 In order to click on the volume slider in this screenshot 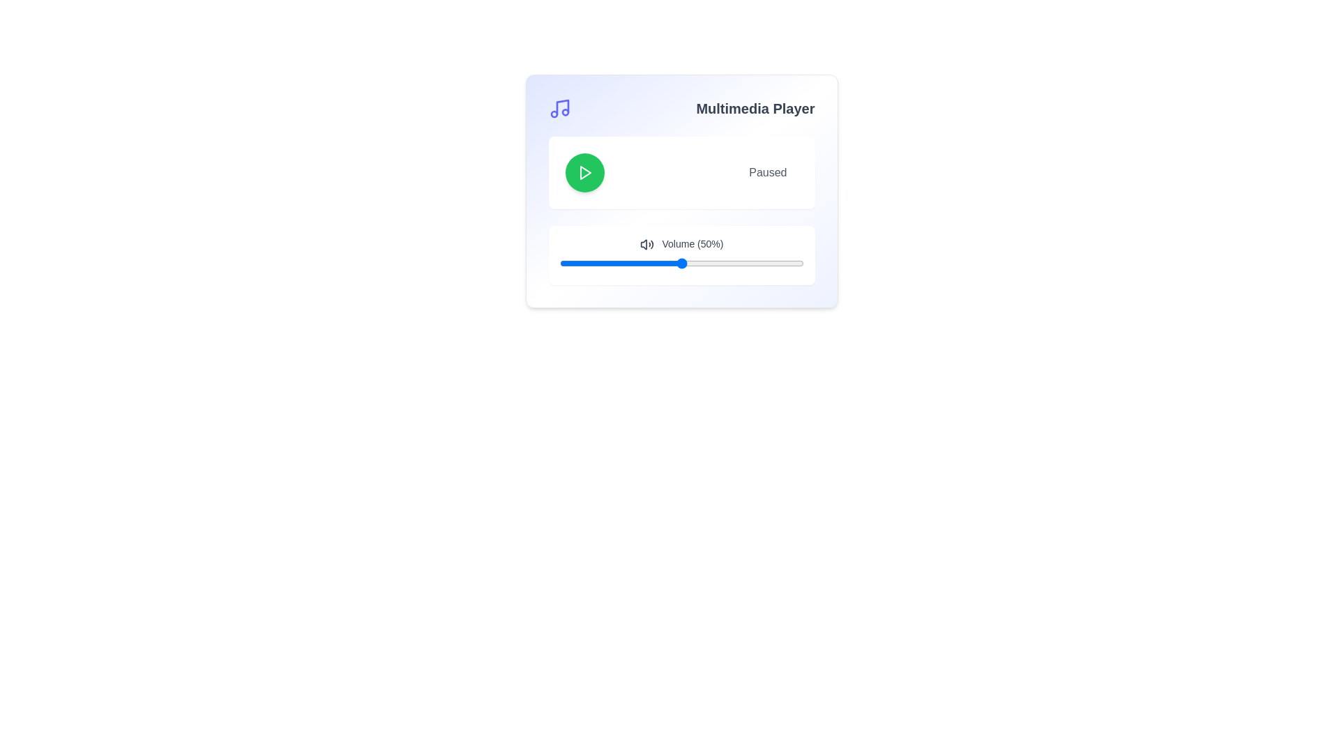, I will do `click(574, 264)`.